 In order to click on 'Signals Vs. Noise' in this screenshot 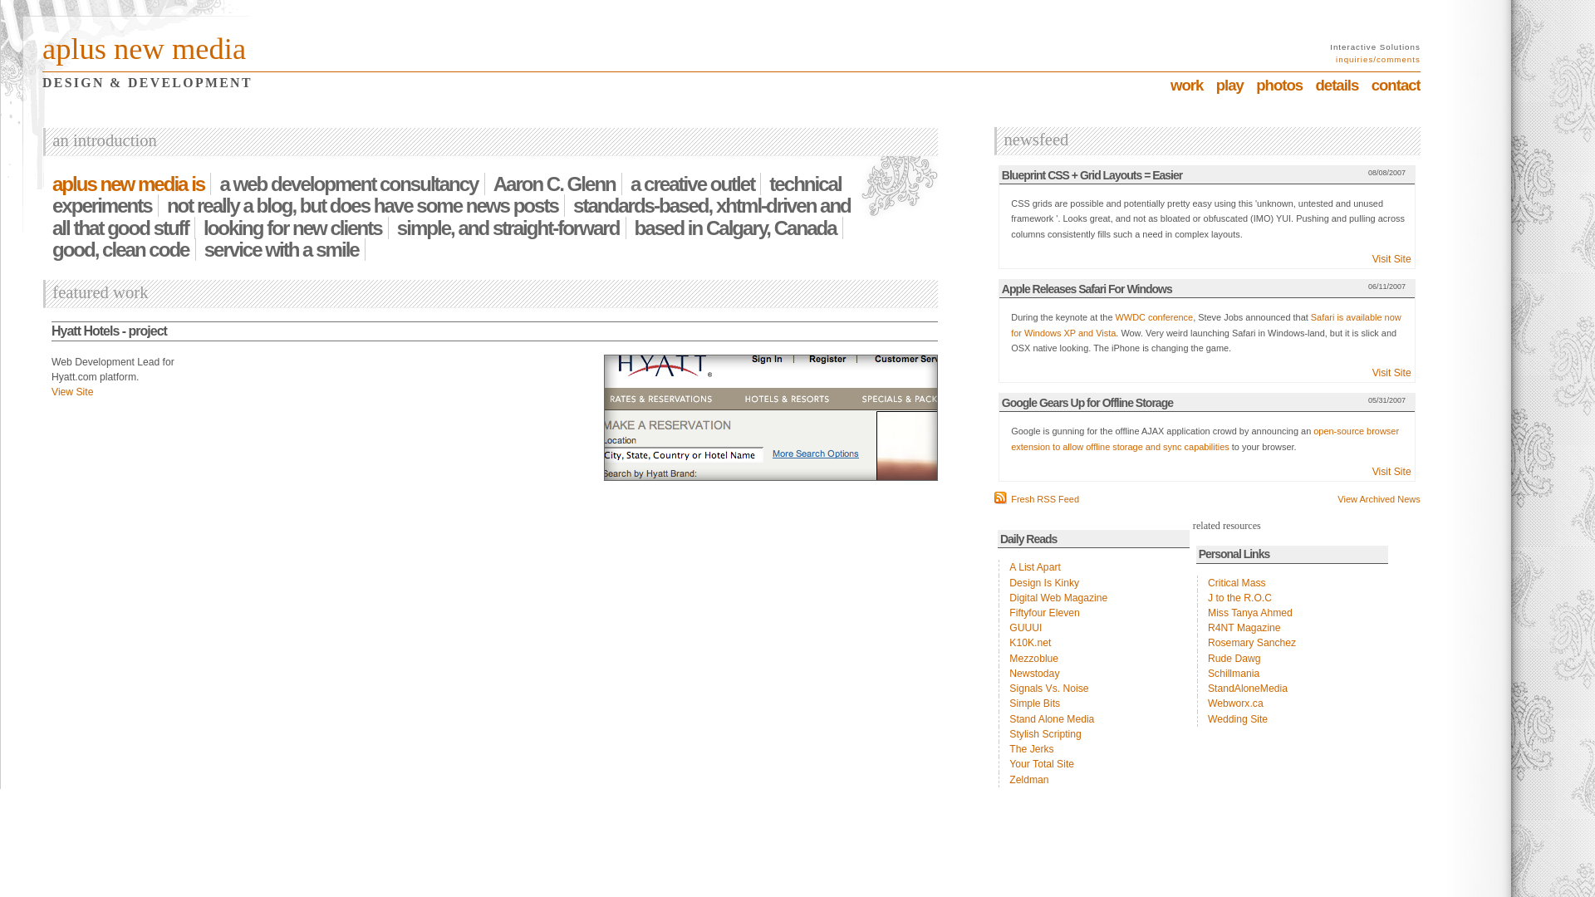, I will do `click(1093, 689)`.